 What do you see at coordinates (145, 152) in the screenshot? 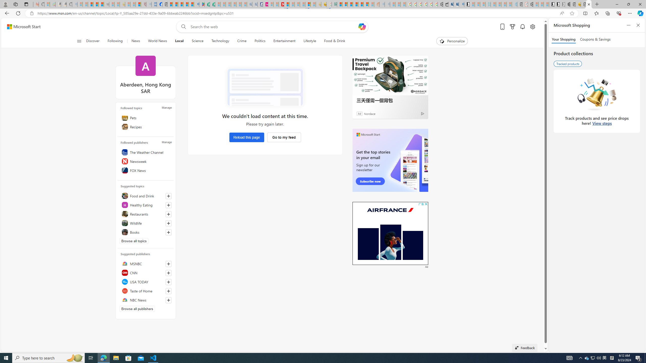
I see `'The Weather Channel'` at bounding box center [145, 152].